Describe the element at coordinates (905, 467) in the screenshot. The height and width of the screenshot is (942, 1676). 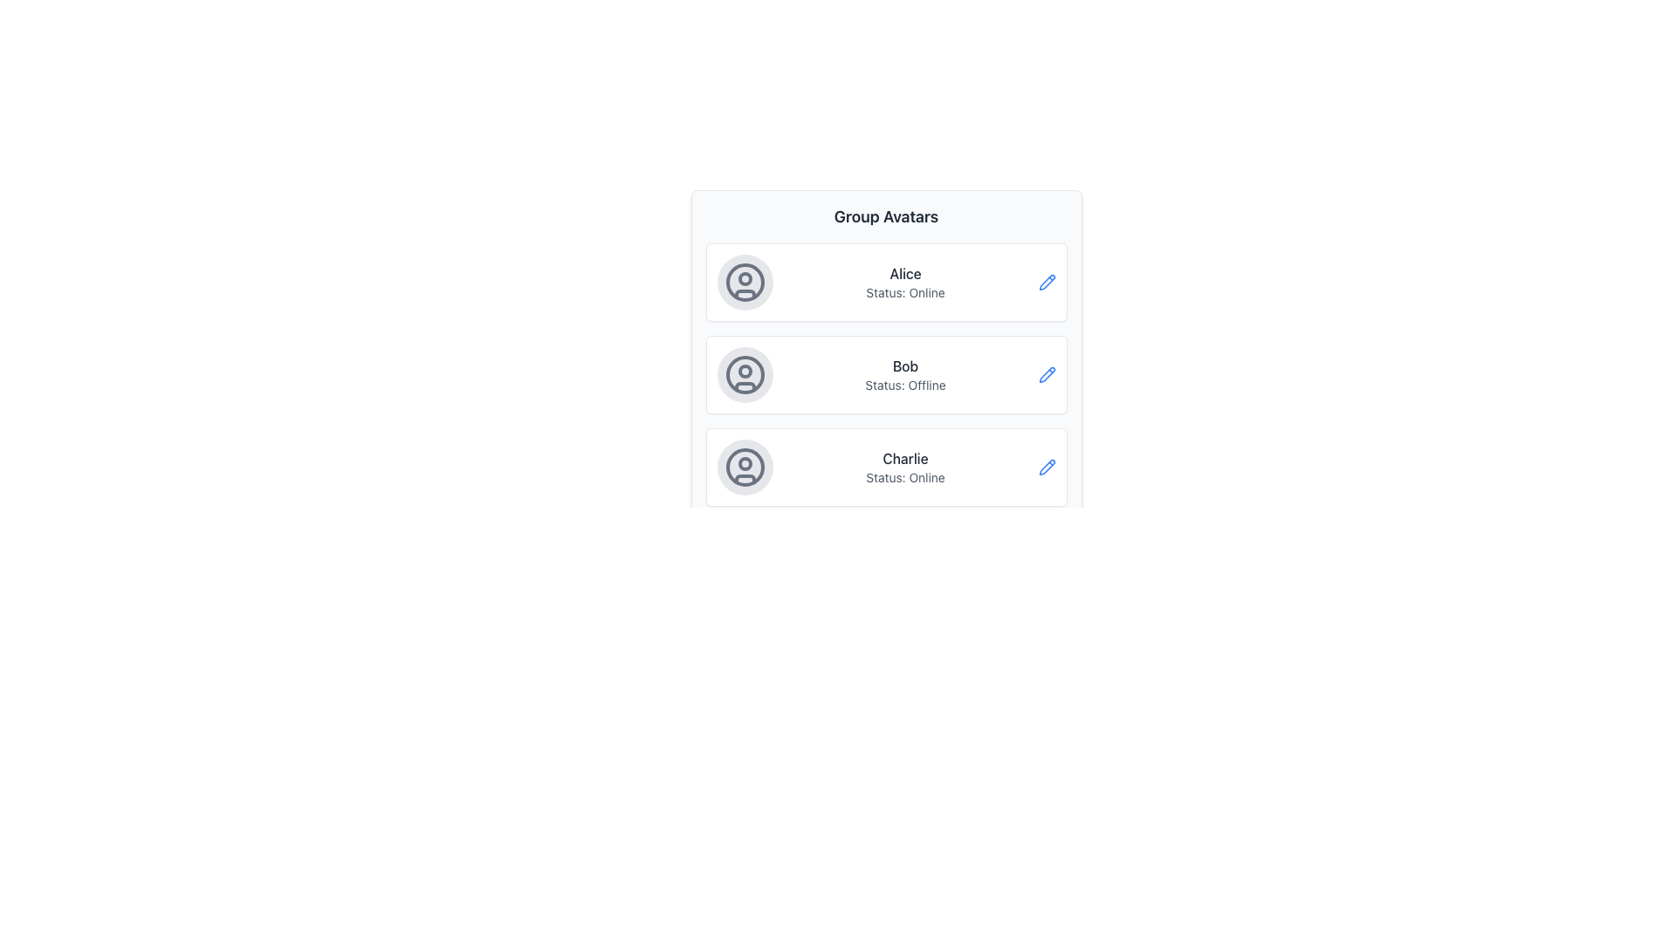
I see `text information displayed in the text block containing 'Charlie' and 'Status: Online', located to the right of the user avatar icon in the third item of the list` at that location.